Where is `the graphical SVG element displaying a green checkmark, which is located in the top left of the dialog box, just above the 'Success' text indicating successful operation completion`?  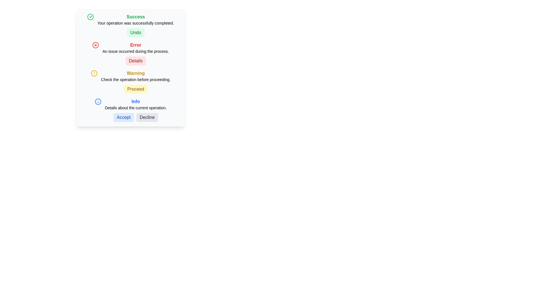 the graphical SVG element displaying a green checkmark, which is located in the top left of the dialog box, just above the 'Success' text indicating successful operation completion is located at coordinates (90, 17).